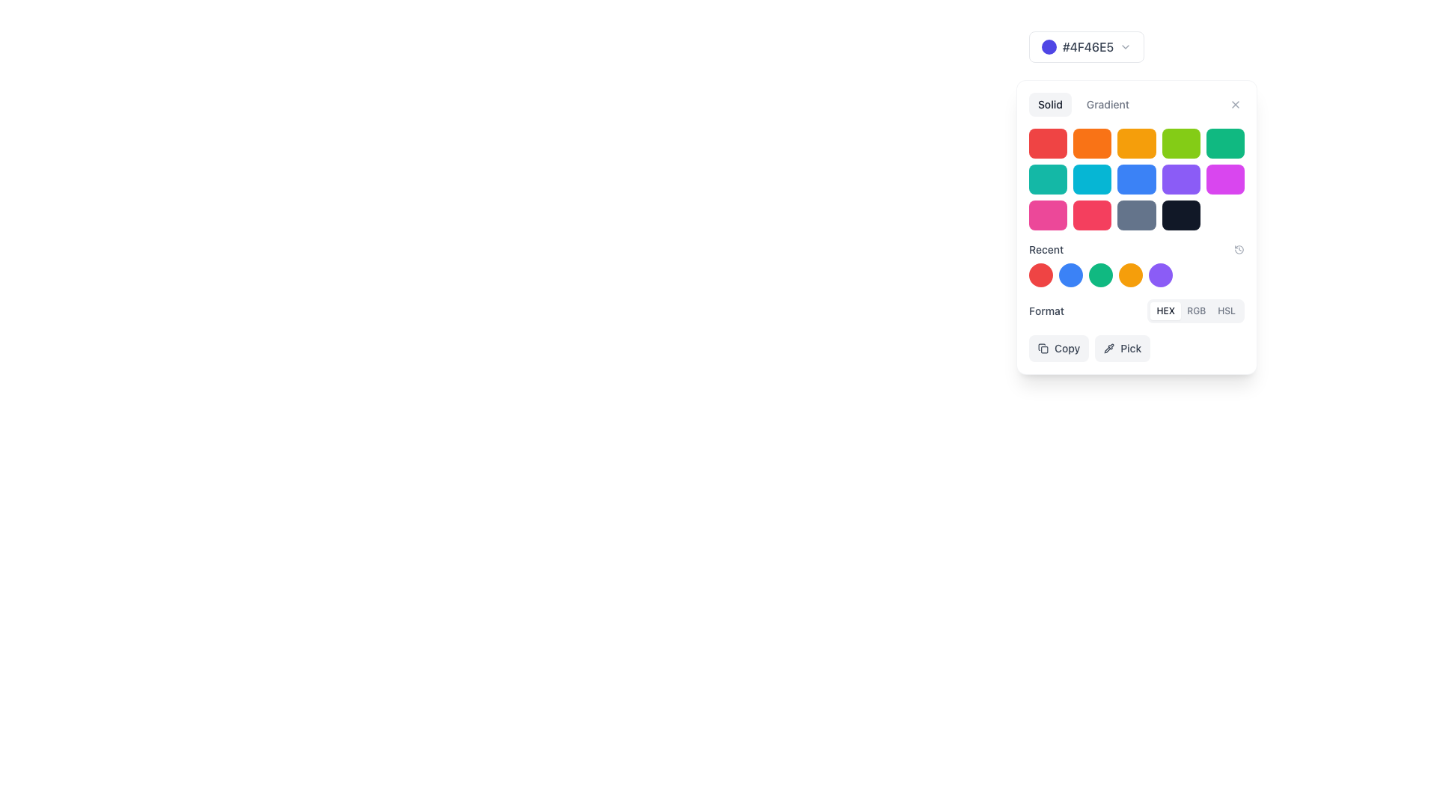 Image resolution: width=1437 pixels, height=808 pixels. Describe the element at coordinates (1236, 103) in the screenshot. I see `the small, rounded button with a prominent 'X' icon in the top-right corner of the floating panel containing color options` at that location.